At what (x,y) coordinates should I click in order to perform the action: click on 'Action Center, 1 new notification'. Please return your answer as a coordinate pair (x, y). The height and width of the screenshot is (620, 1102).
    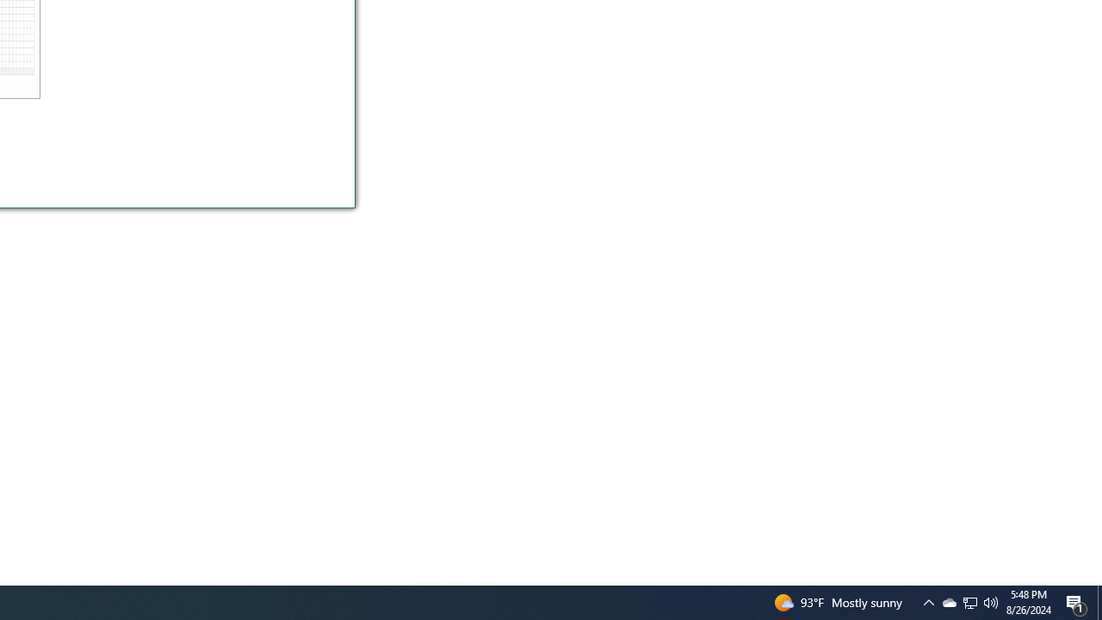
    Looking at the image, I should click on (1076, 601).